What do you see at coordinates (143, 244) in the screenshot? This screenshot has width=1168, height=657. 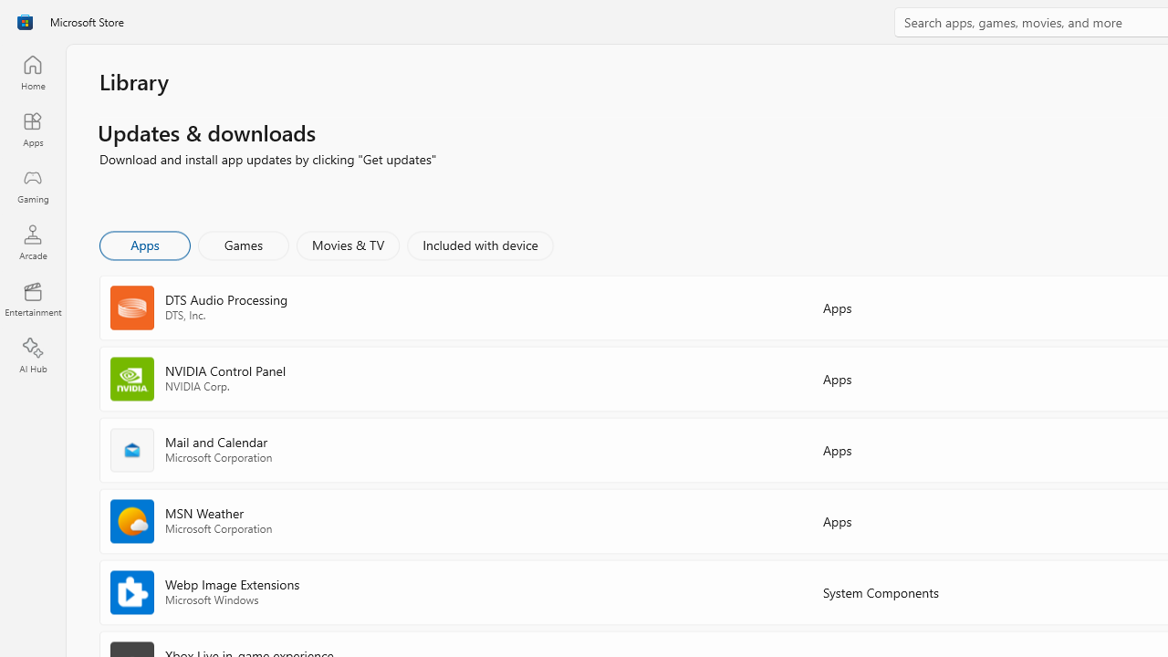 I see `'Apps'` at bounding box center [143, 244].